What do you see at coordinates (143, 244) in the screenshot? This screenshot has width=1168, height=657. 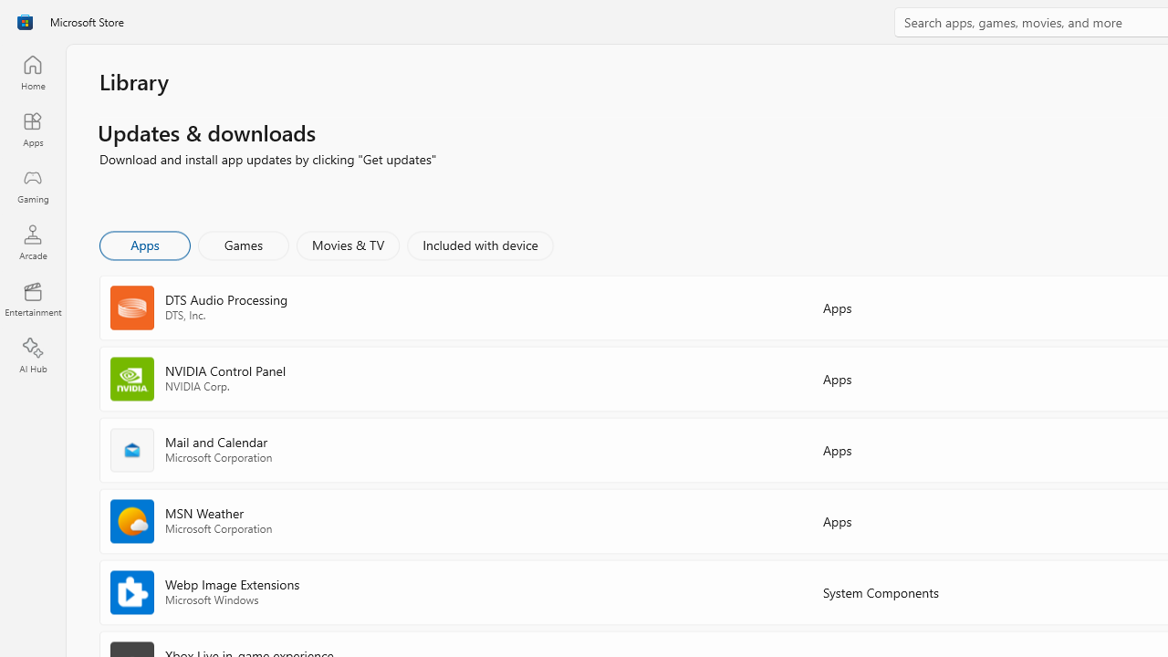 I see `'Apps'` at bounding box center [143, 244].